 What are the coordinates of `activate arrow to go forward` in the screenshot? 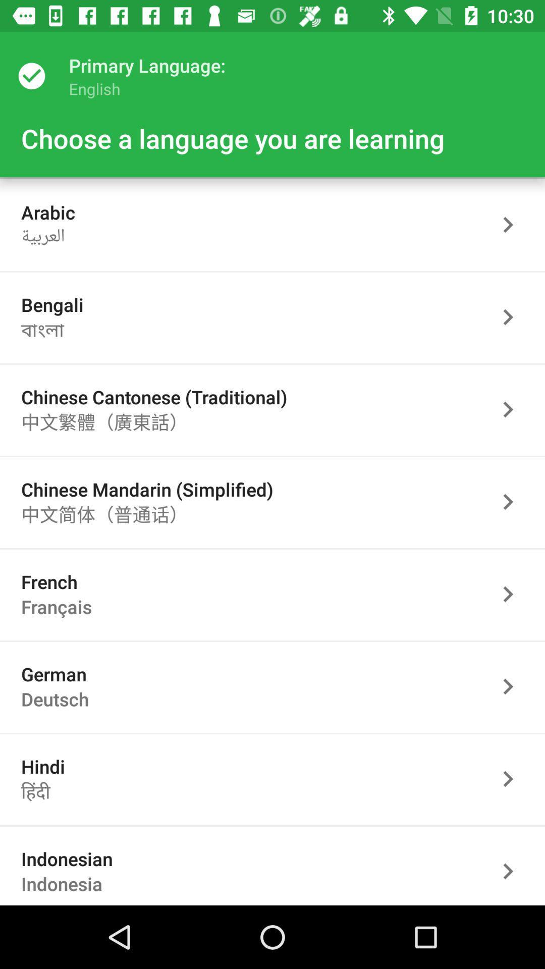 It's located at (513, 409).